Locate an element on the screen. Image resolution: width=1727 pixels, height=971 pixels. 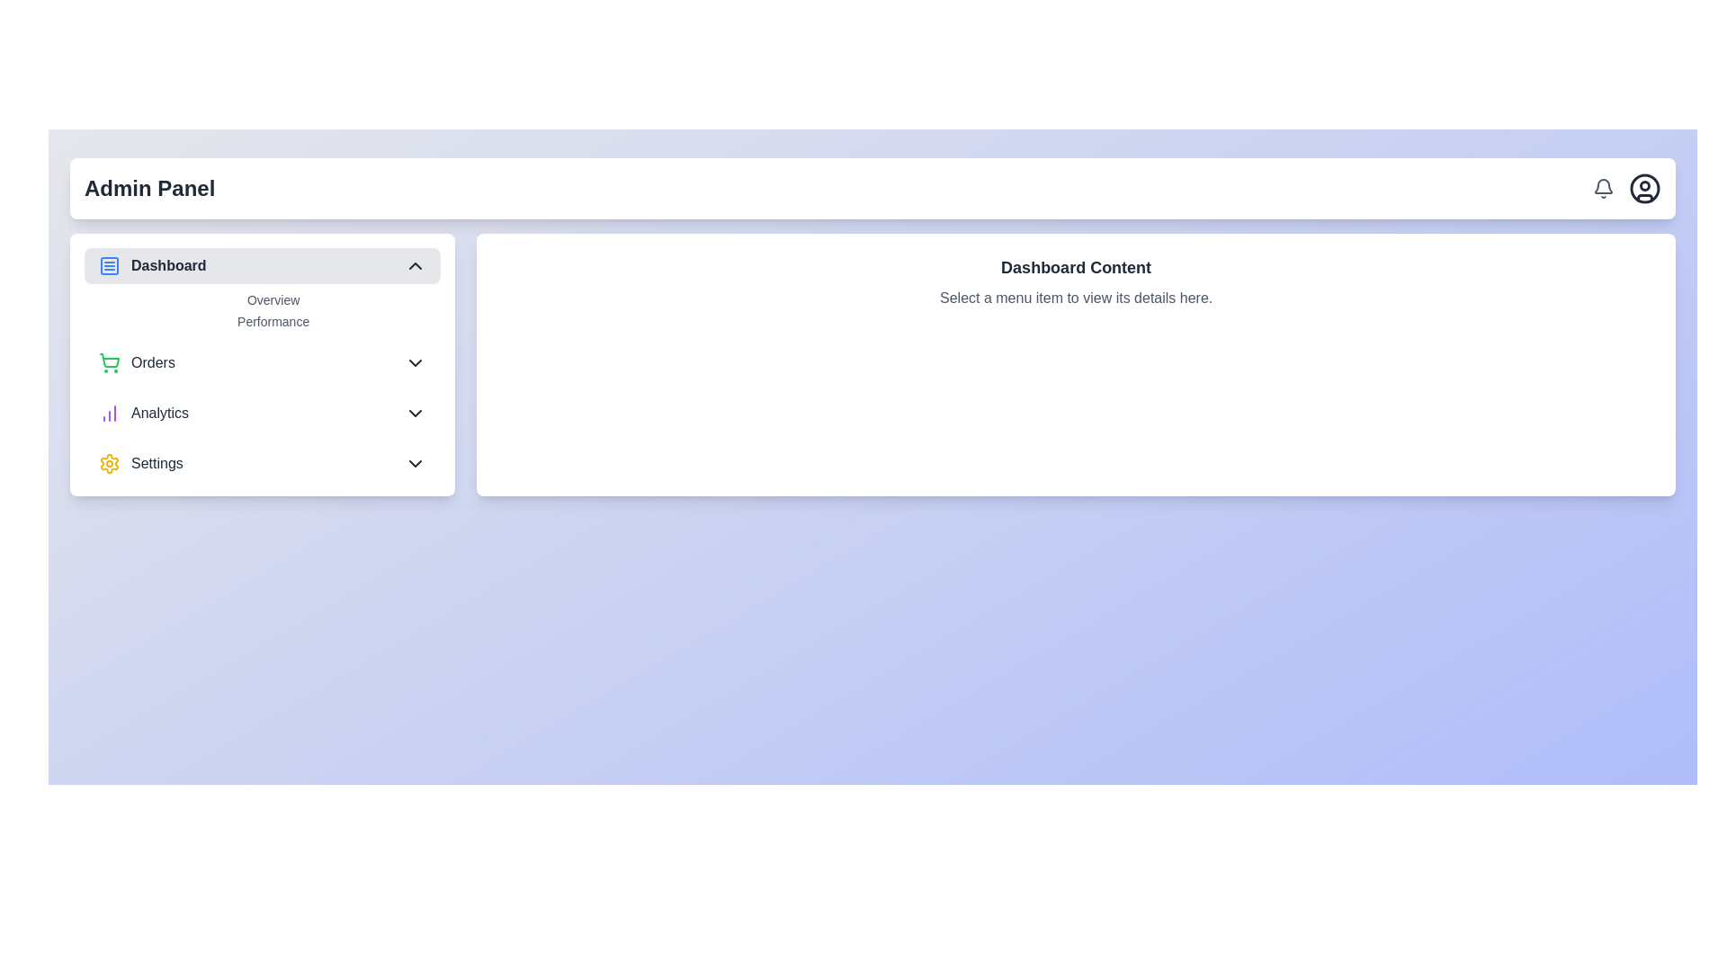
the 'Overview' text label located in the left-hand side menu panel under the 'Dashboard' heading is located at coordinates (272, 299).